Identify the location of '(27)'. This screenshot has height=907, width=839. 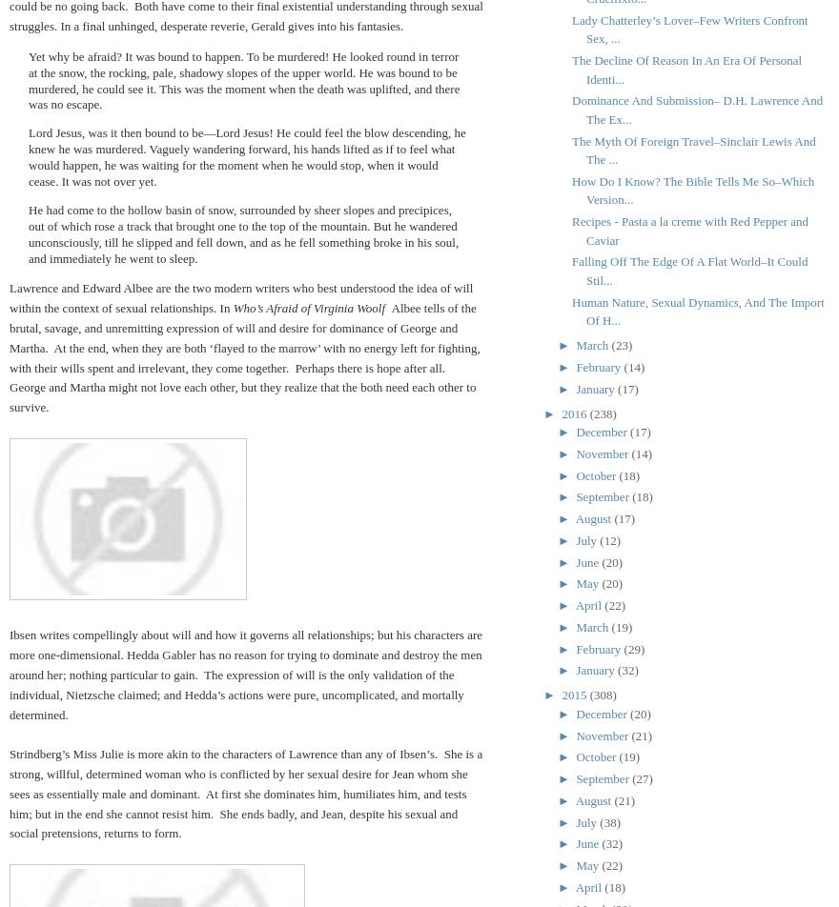
(630, 778).